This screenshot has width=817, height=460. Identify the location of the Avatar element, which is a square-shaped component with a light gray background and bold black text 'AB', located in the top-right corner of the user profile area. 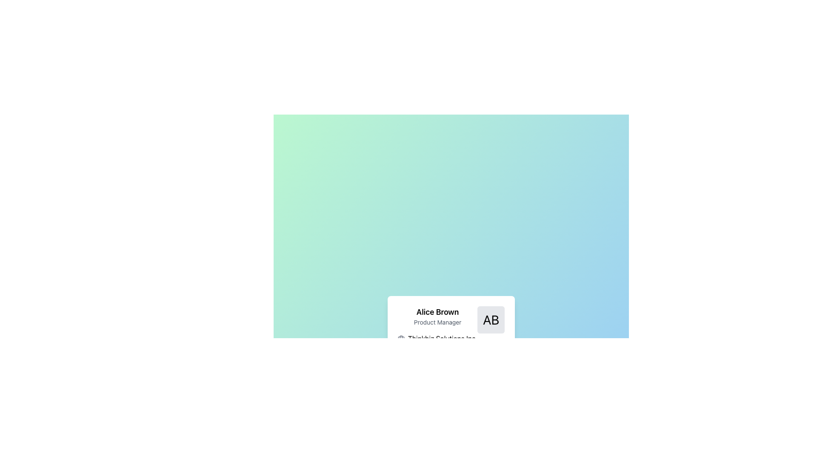
(491, 320).